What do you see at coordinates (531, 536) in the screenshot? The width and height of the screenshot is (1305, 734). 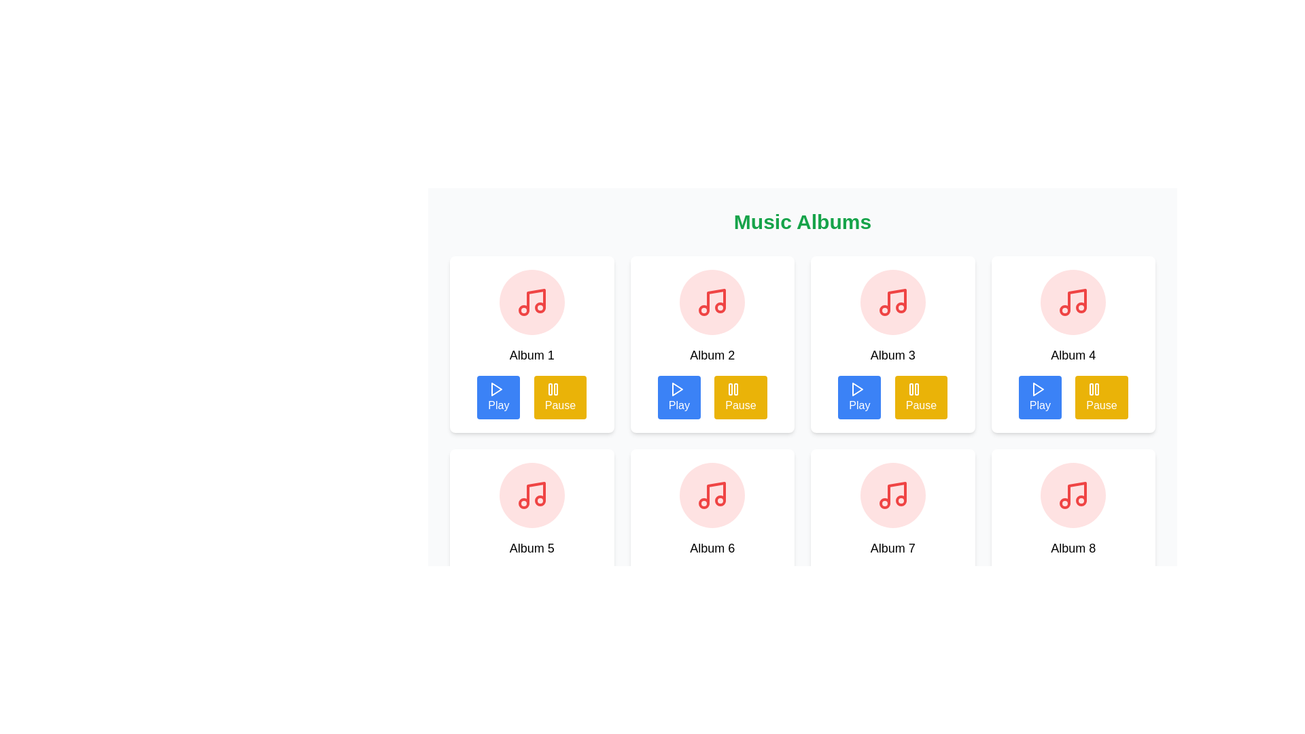 I see `the album title 'Album 5' on the card UI element representing the fifth album in the grid layout` at bounding box center [531, 536].